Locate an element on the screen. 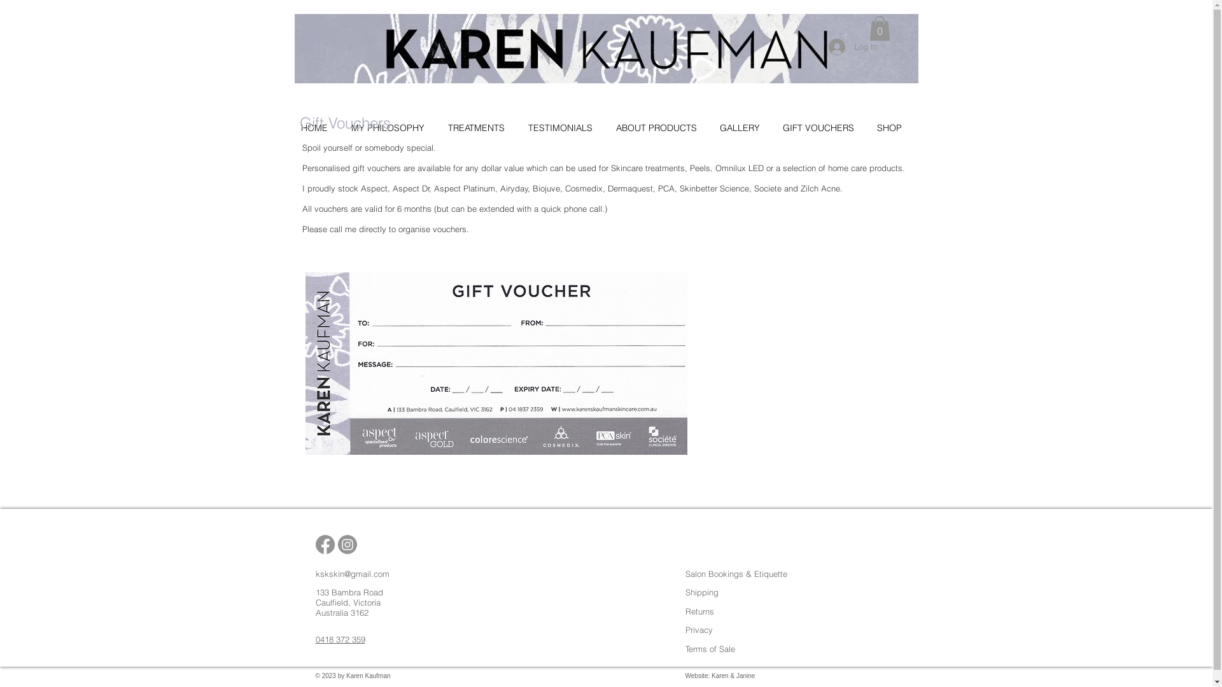 Image resolution: width=1222 pixels, height=687 pixels. 'TREATMENTS' is located at coordinates (481, 127).